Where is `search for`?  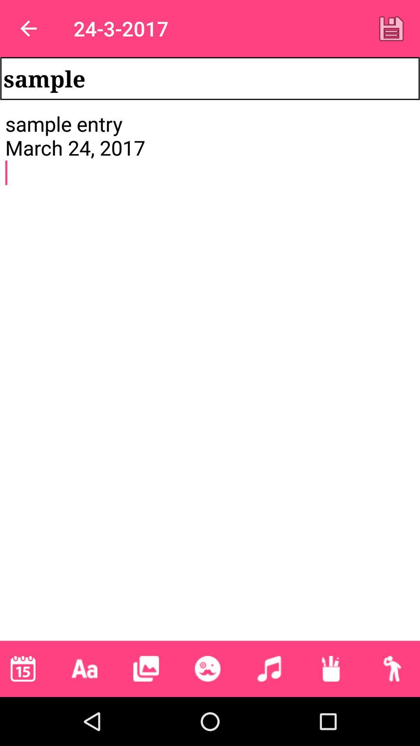 search for is located at coordinates (392, 668).